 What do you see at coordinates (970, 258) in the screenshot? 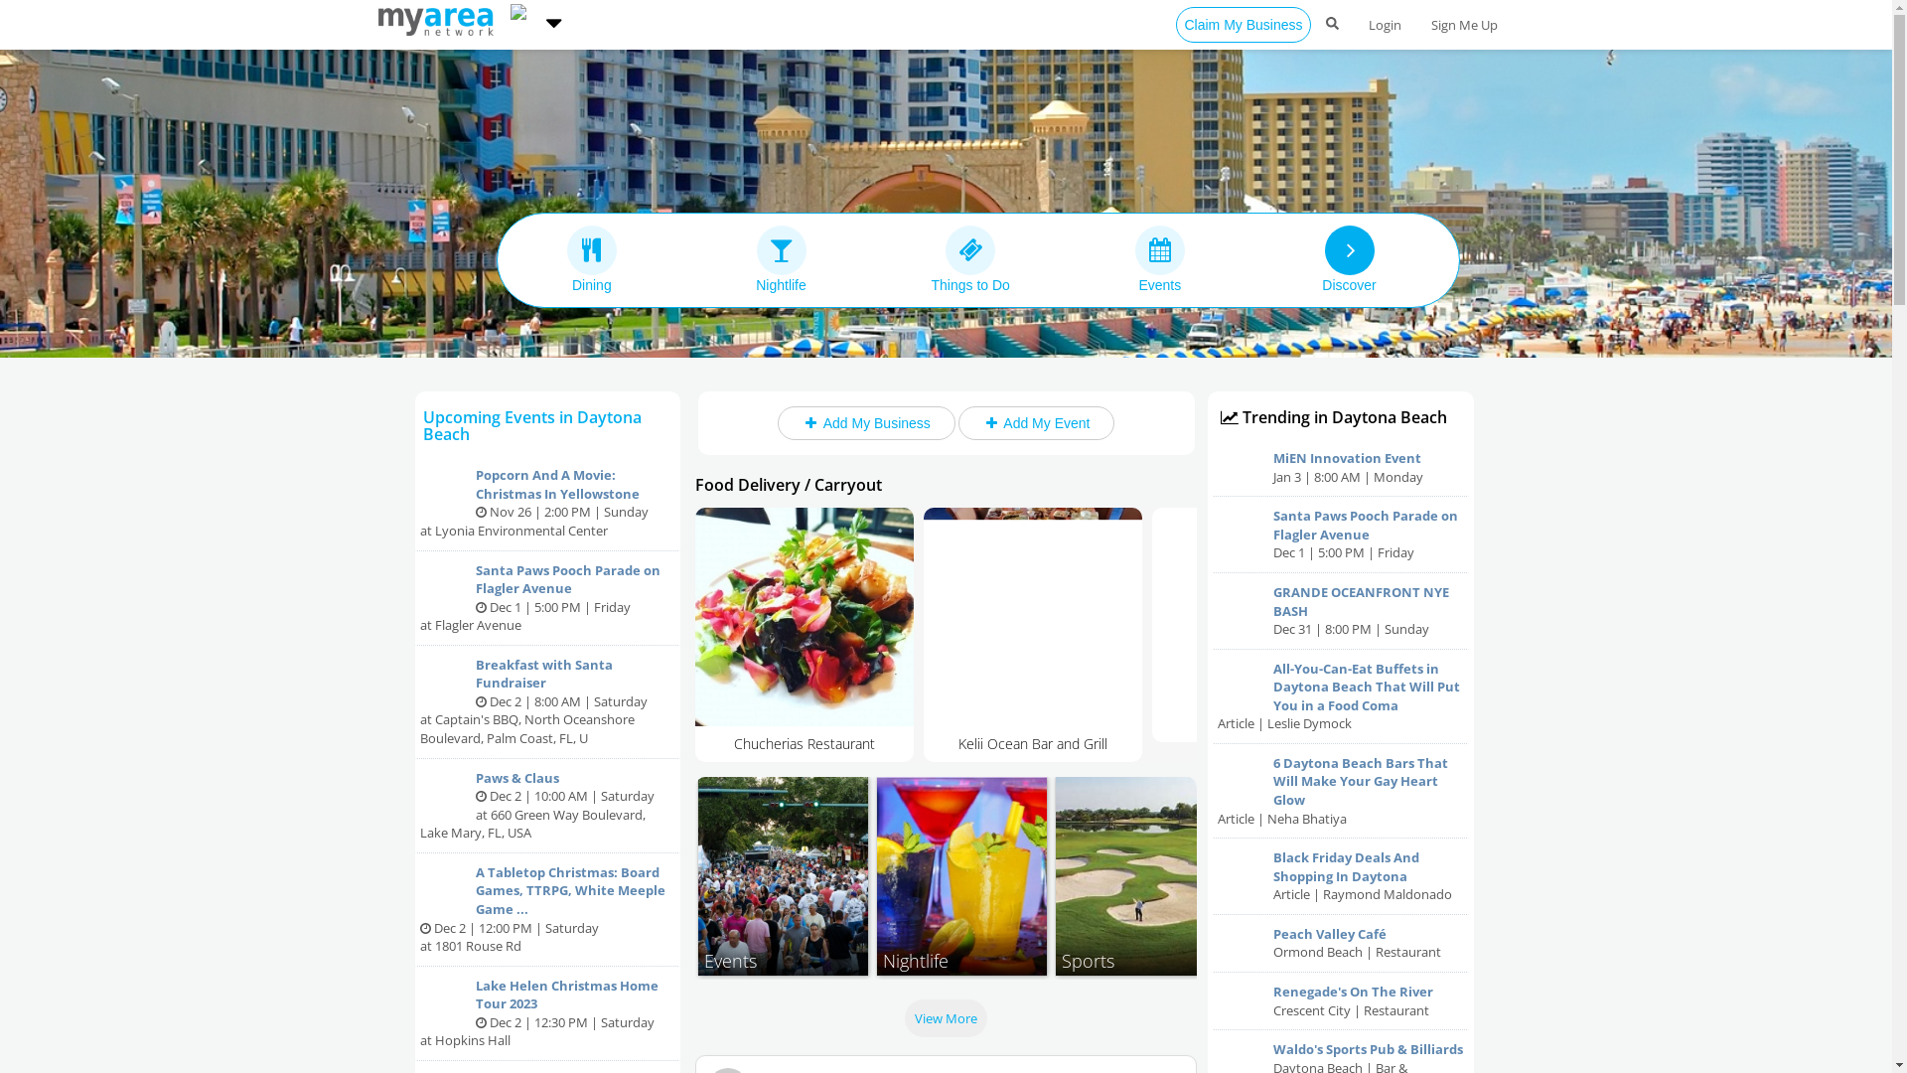
I see `'Things to Do'` at bounding box center [970, 258].